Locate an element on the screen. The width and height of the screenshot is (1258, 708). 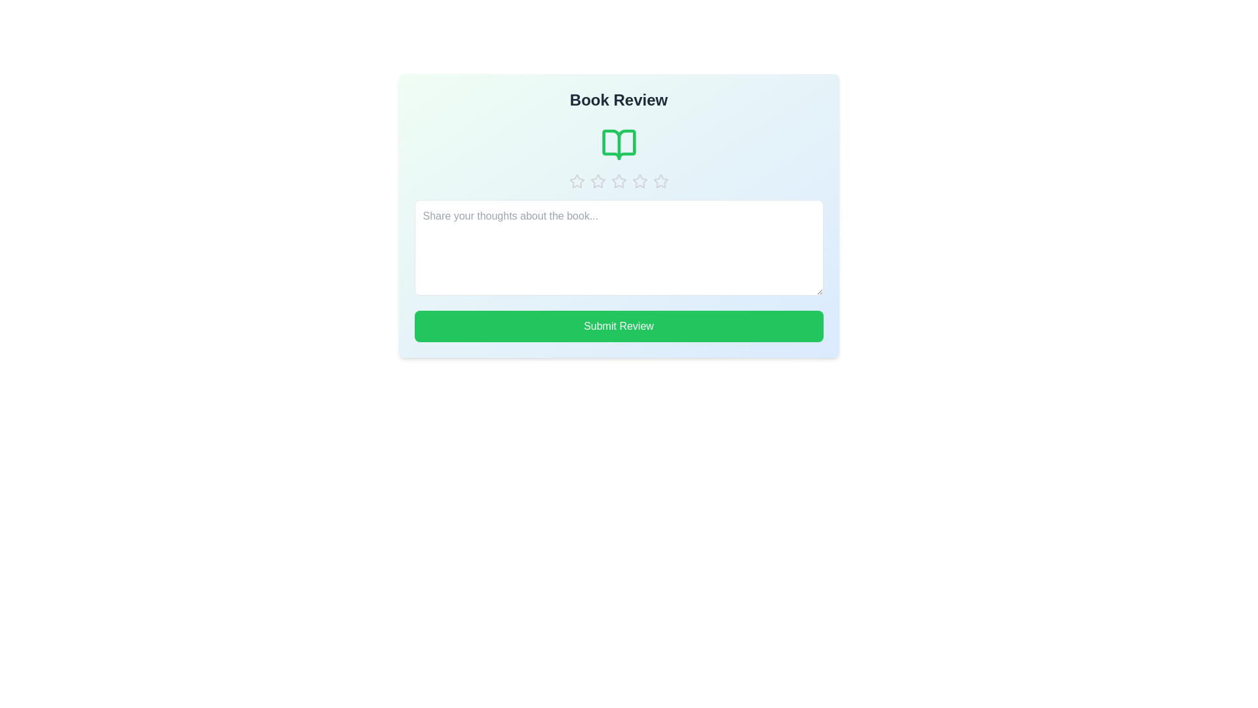
the star corresponding to 4 to preview the rating is located at coordinates (639, 182).